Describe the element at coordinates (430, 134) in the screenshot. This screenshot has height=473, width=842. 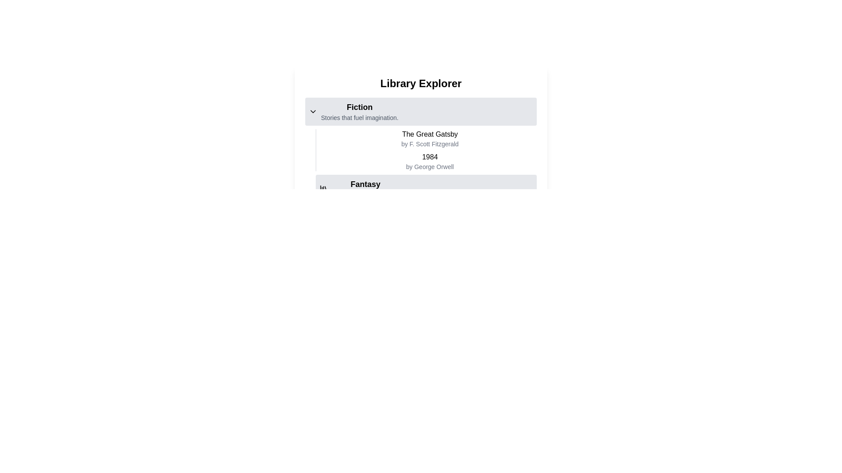
I see `the static text element displaying the title 'The Great Gatsby', which is styled with medium font weight and centered under the 'Fiction' header` at that location.